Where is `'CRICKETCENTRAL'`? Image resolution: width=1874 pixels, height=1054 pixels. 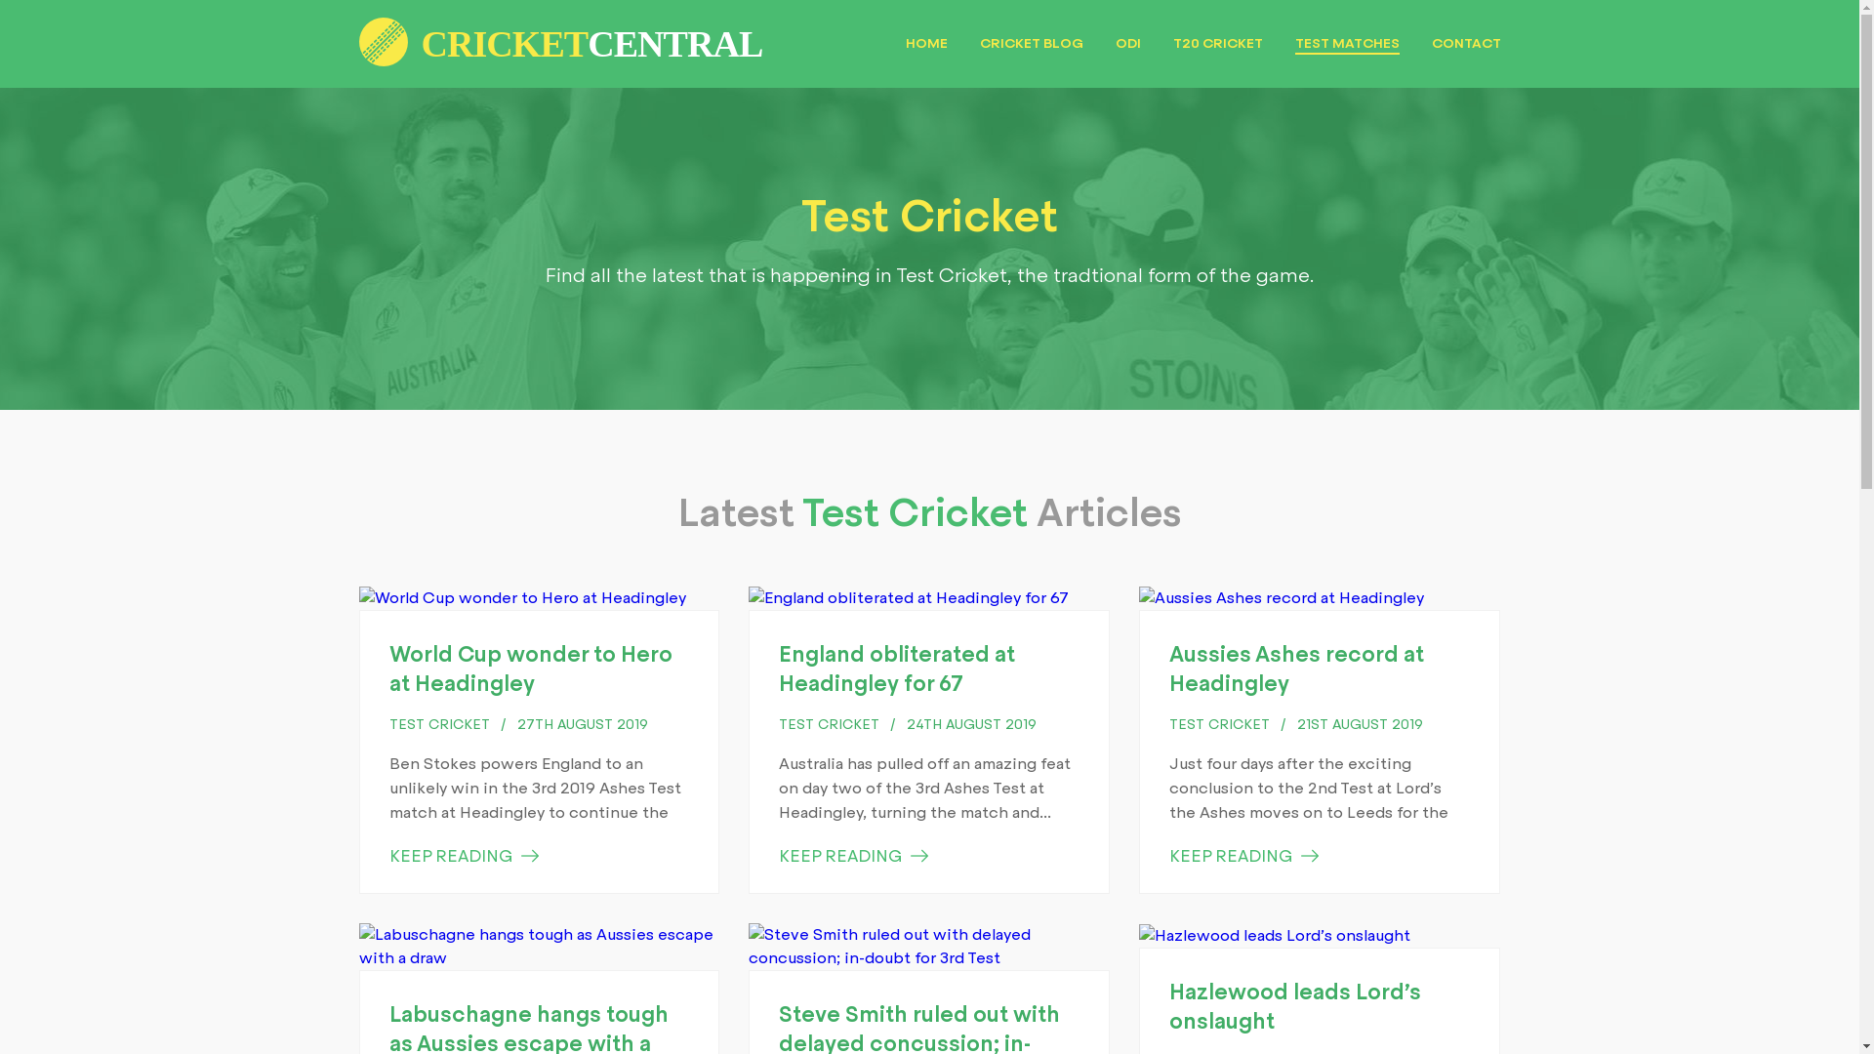 'CRICKETCENTRAL' is located at coordinates (560, 25).